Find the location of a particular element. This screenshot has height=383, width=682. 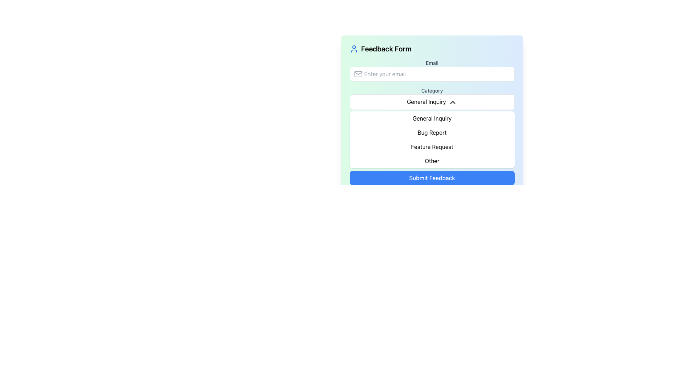

the dropdown menu located under the 'Category' label is located at coordinates (432, 102).